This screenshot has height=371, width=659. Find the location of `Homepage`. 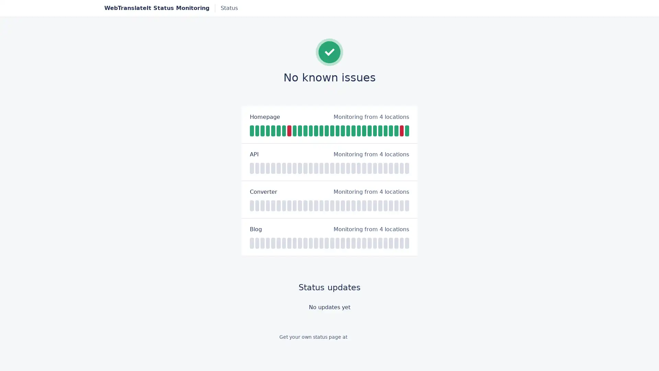

Homepage is located at coordinates (265, 116).